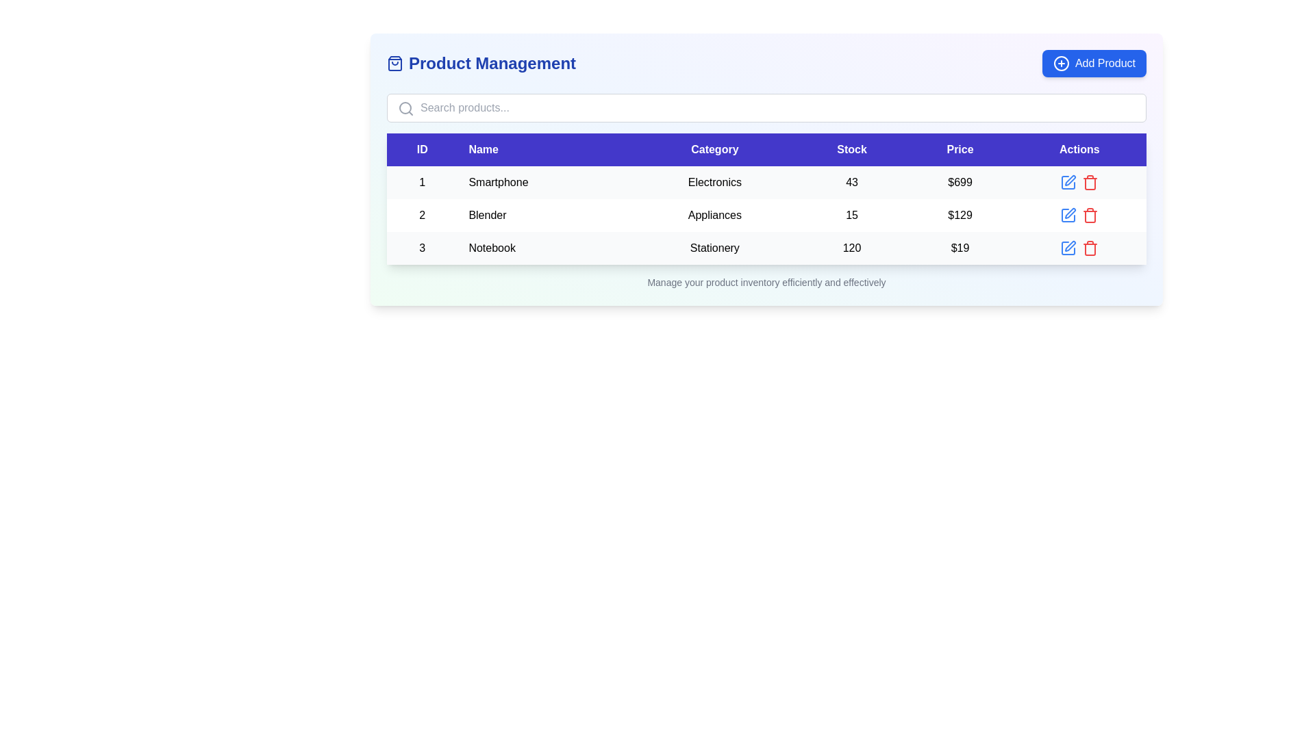  What do you see at coordinates (421, 248) in the screenshot?
I see `text '3' from the numerical value displayed in the top-left corner of the third row under the 'ID' column in the table` at bounding box center [421, 248].